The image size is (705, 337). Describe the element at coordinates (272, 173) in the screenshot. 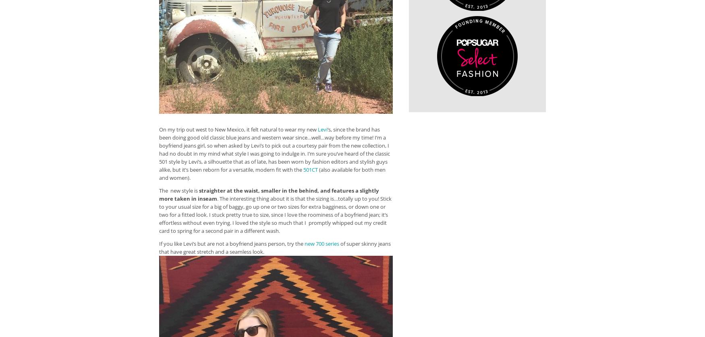

I see `'(also available for both men and women).'` at that location.